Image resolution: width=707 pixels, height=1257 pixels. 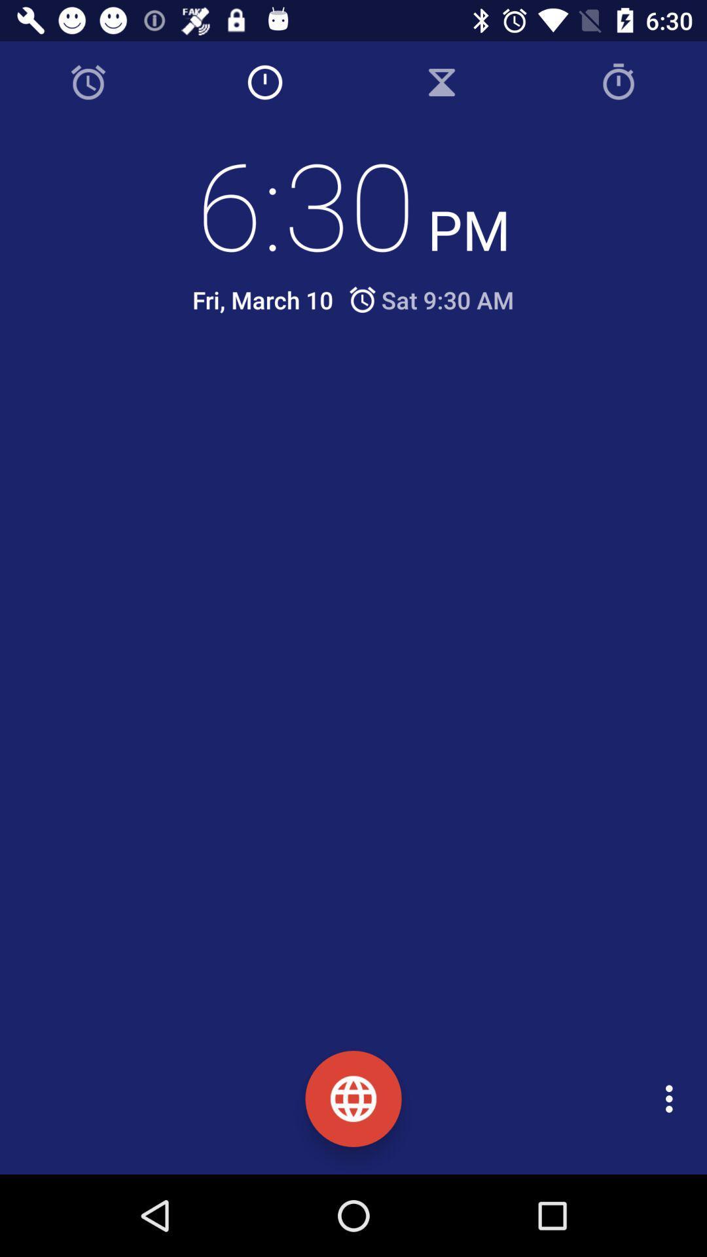 What do you see at coordinates (672, 1099) in the screenshot?
I see `the item at the bottom right corner` at bounding box center [672, 1099].